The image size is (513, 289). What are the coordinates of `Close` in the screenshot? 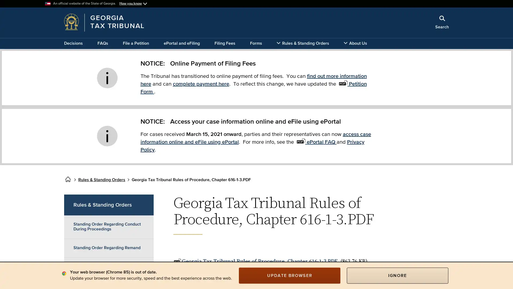 It's located at (443, 17).